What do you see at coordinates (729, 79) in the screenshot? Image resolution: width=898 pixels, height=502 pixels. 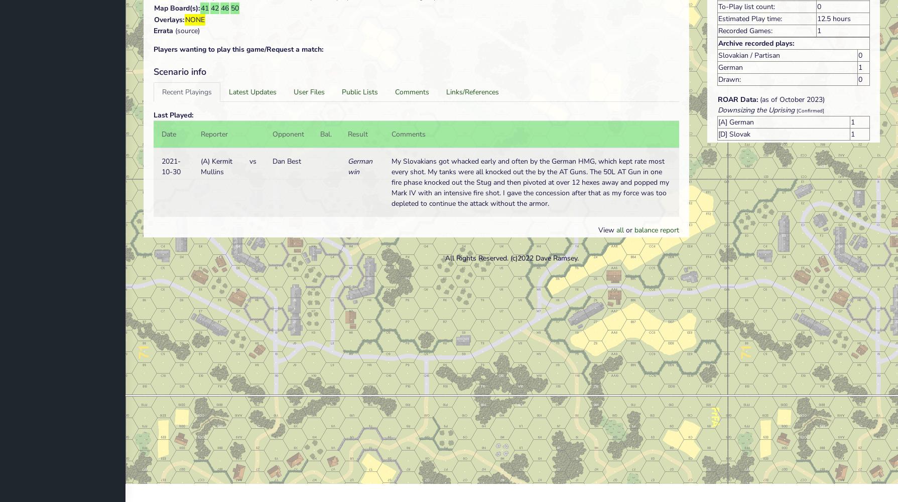 I see `'Drawn:'` at bounding box center [729, 79].